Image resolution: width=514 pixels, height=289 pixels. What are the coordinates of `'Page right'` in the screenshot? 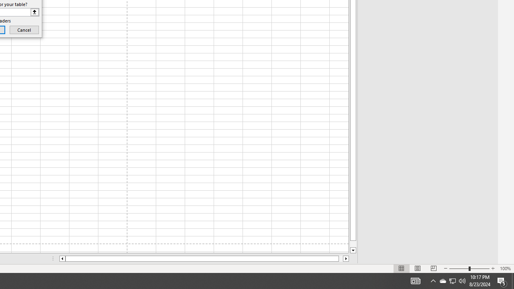 It's located at (341, 258).